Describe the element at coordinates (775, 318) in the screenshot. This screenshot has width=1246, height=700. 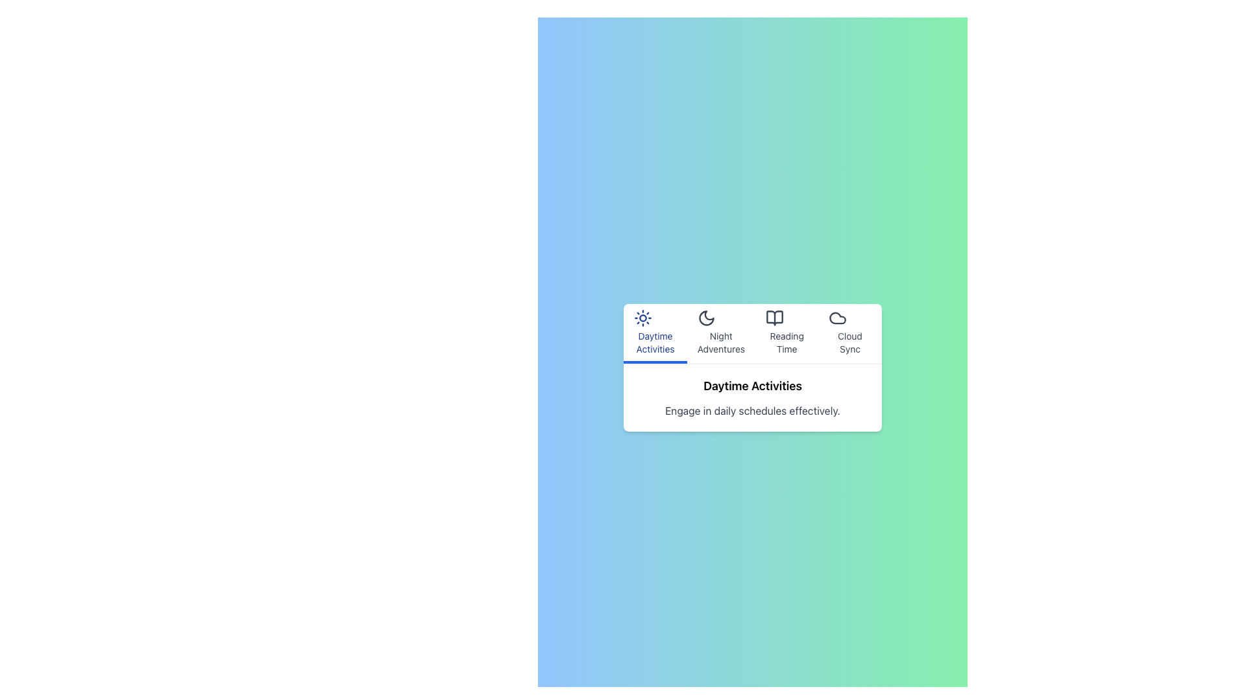
I see `the stylized open book icon, which is the third icon from the left in a horizontal row of four icons` at that location.